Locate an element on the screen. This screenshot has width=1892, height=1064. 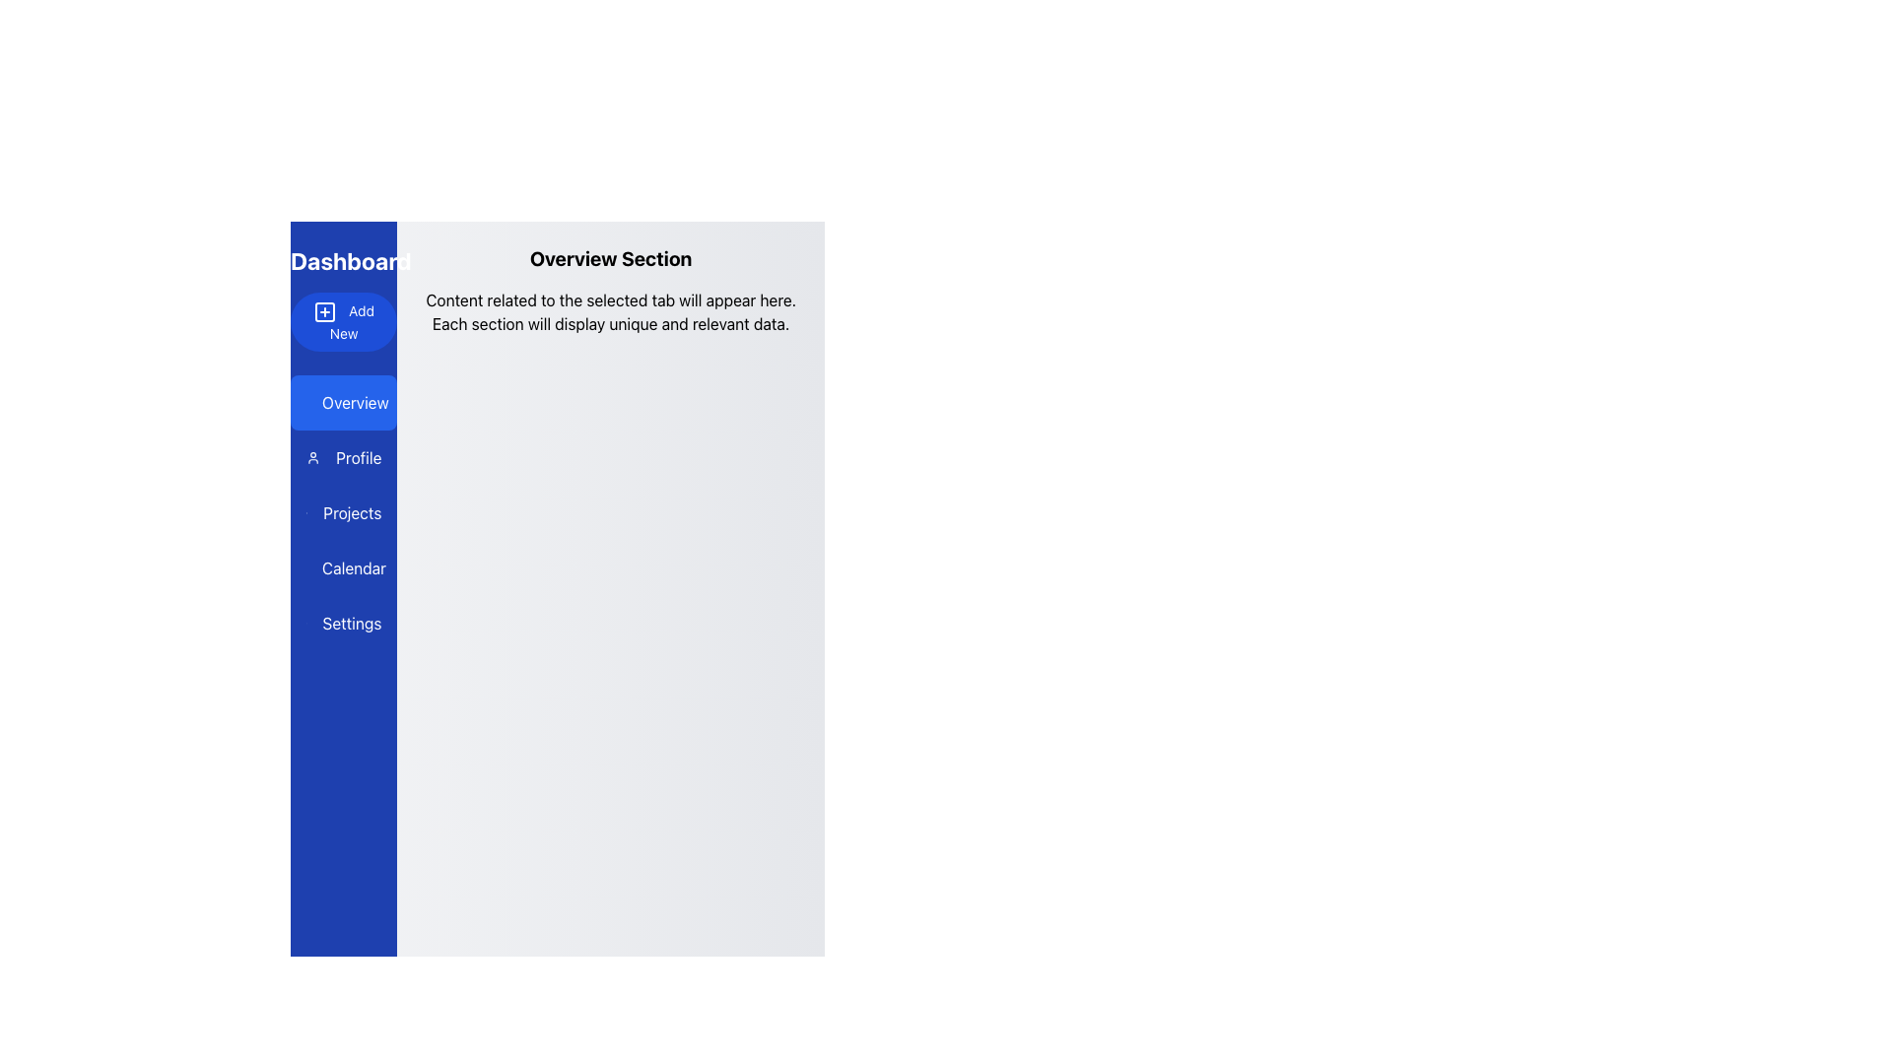
text block containing 'Content related to the selected tab will appear here. Each section will display unique and relevant data.' located below the 'Overview Section' heading is located at coordinates (610, 310).